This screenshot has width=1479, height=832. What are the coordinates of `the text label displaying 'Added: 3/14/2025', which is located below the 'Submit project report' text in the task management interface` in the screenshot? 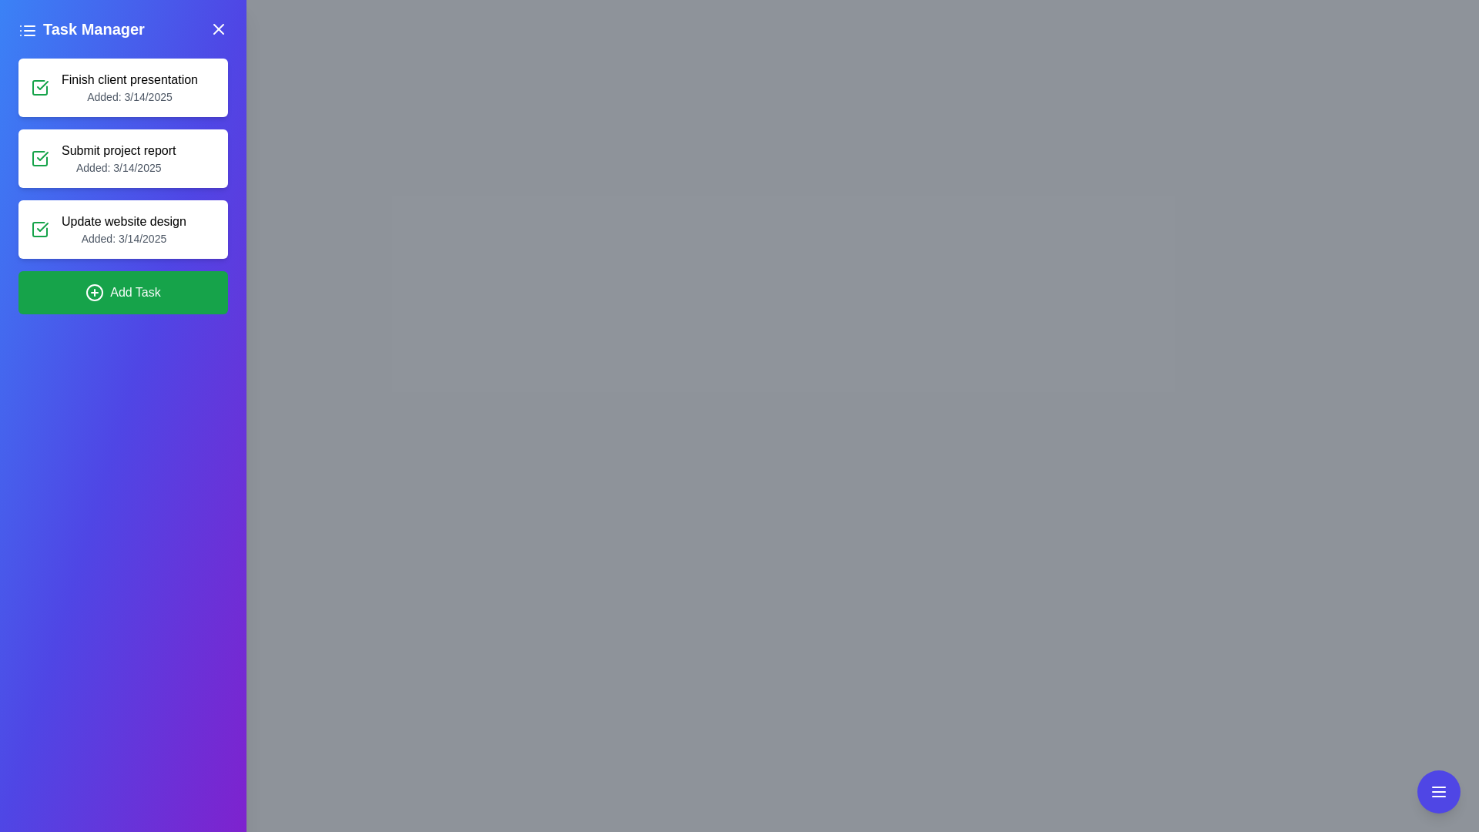 It's located at (118, 168).